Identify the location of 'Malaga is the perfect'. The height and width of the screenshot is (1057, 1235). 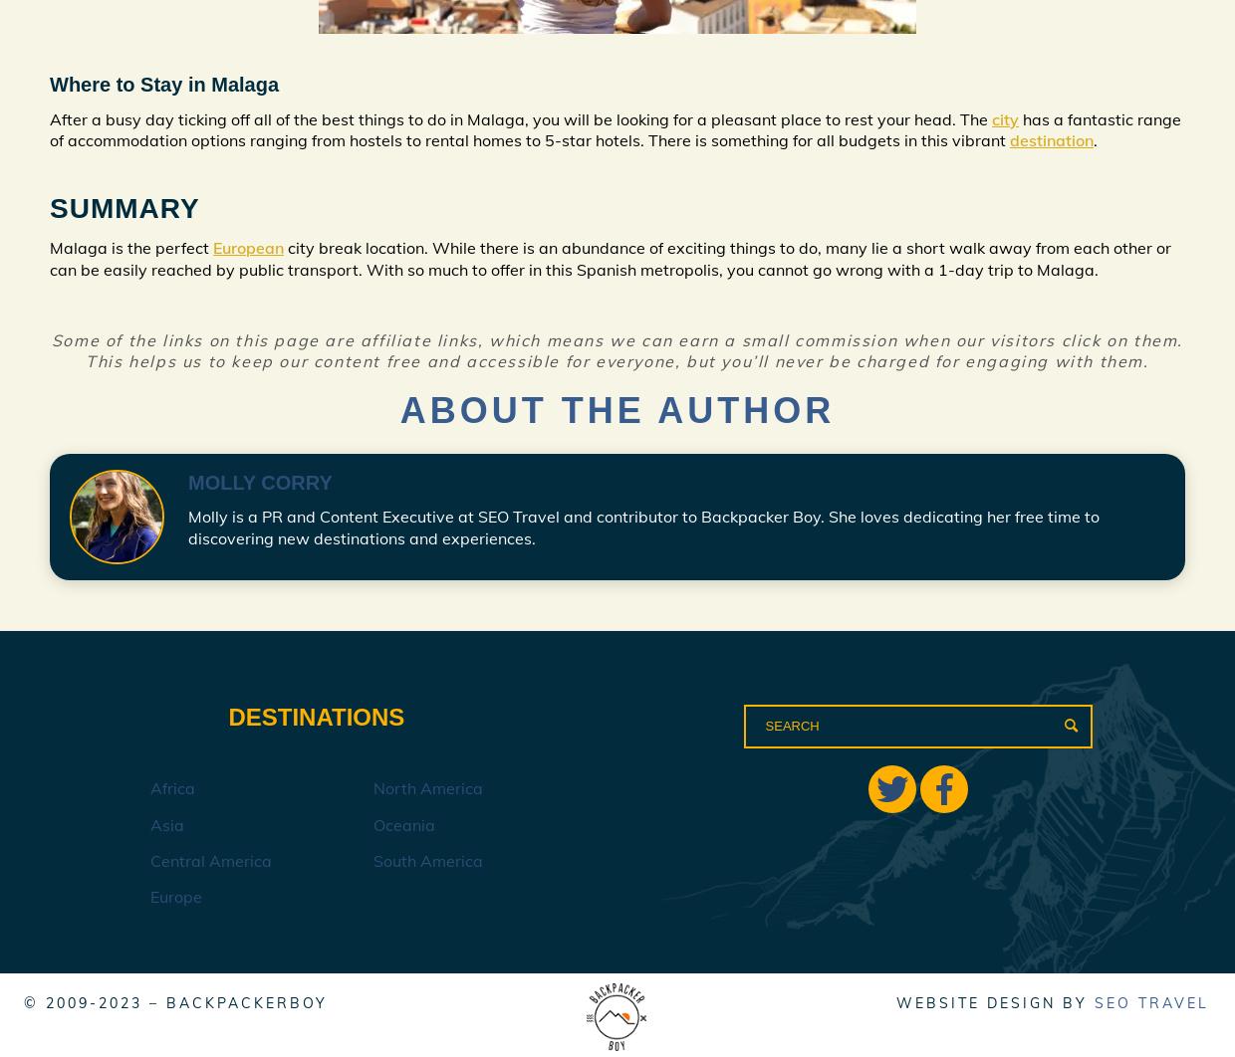
(131, 248).